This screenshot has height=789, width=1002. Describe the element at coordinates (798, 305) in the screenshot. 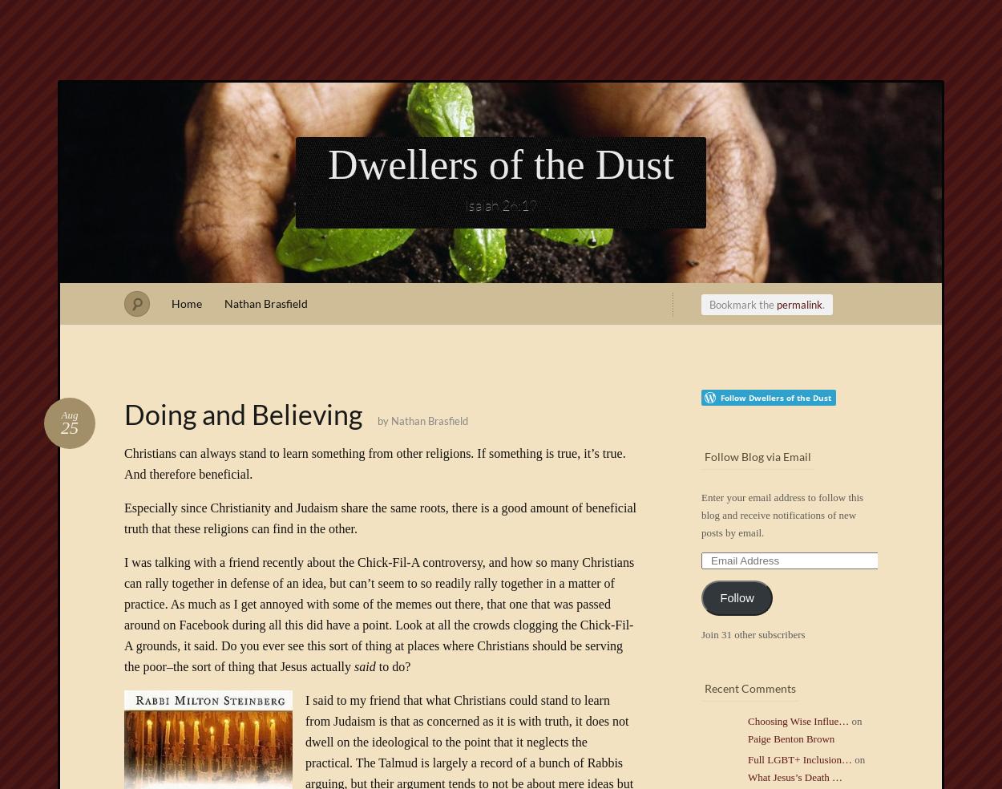

I see `'permalink'` at that location.